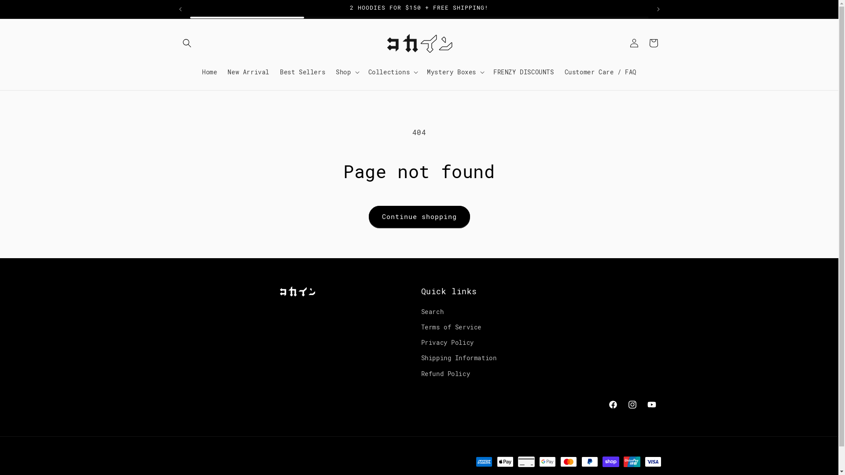 The image size is (845, 475). I want to click on 'FRENZY DISCOUNTS', so click(524, 71).